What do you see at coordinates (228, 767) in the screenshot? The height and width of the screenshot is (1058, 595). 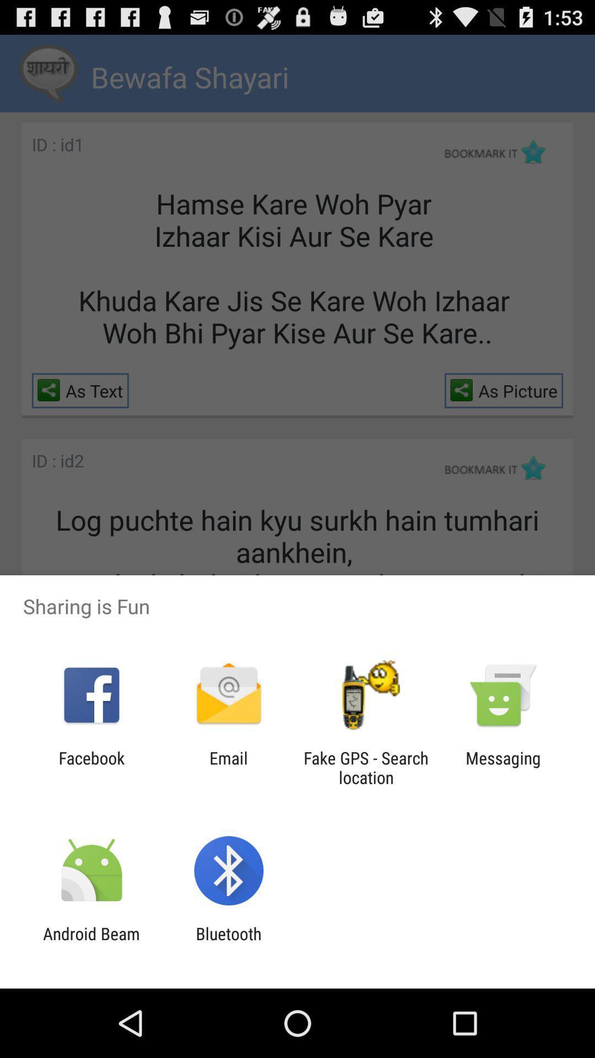 I see `item next to fake gps search` at bounding box center [228, 767].